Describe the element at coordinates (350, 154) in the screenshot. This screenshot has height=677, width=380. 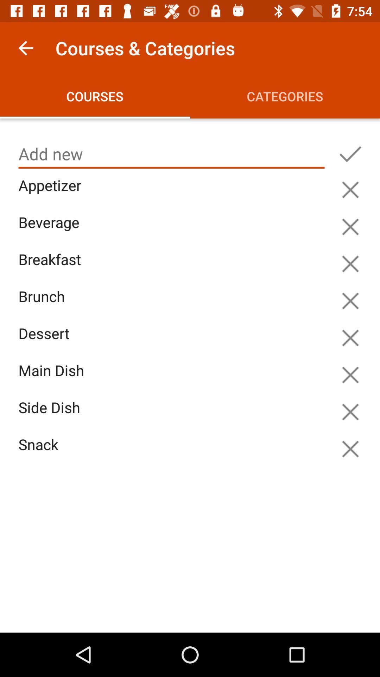
I see `the check icon` at that location.